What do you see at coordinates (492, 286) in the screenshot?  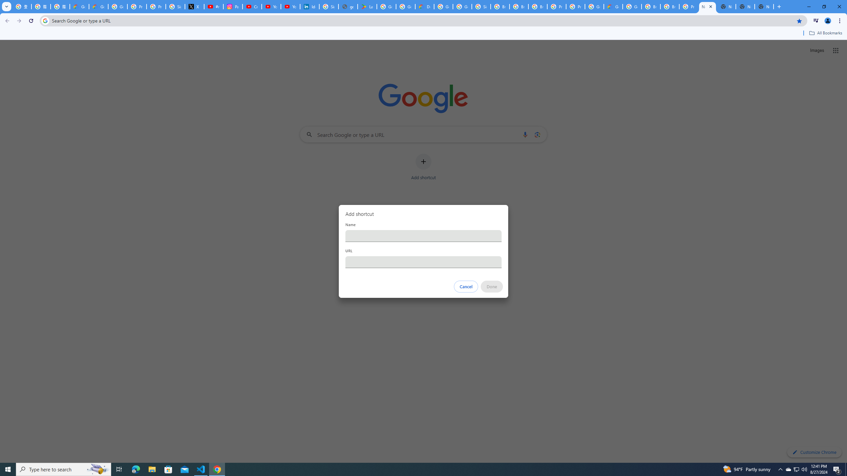 I see `'Done'` at bounding box center [492, 286].